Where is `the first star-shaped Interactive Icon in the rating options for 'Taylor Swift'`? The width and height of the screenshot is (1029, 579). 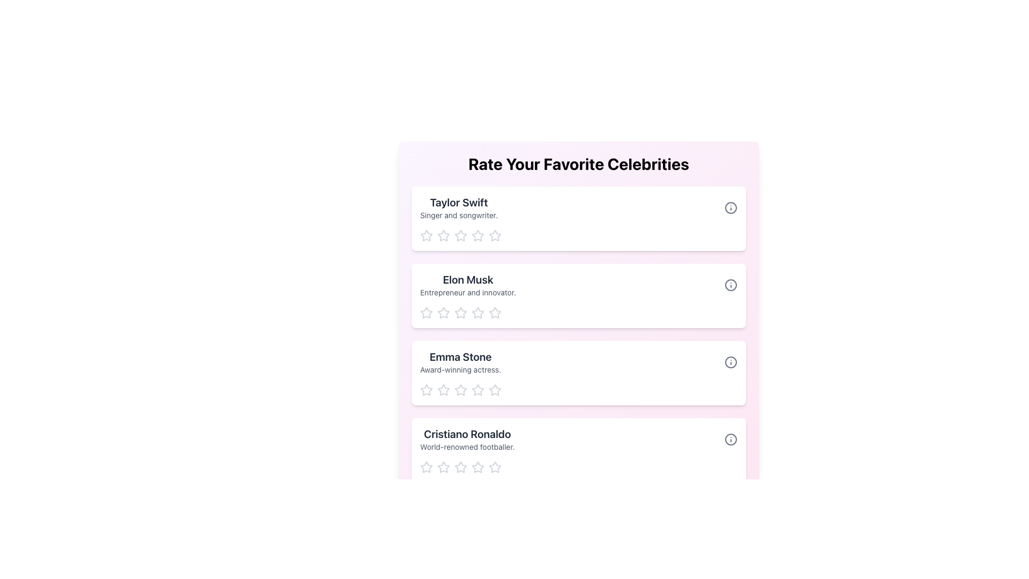 the first star-shaped Interactive Icon in the rating options for 'Taylor Swift' is located at coordinates (426, 235).